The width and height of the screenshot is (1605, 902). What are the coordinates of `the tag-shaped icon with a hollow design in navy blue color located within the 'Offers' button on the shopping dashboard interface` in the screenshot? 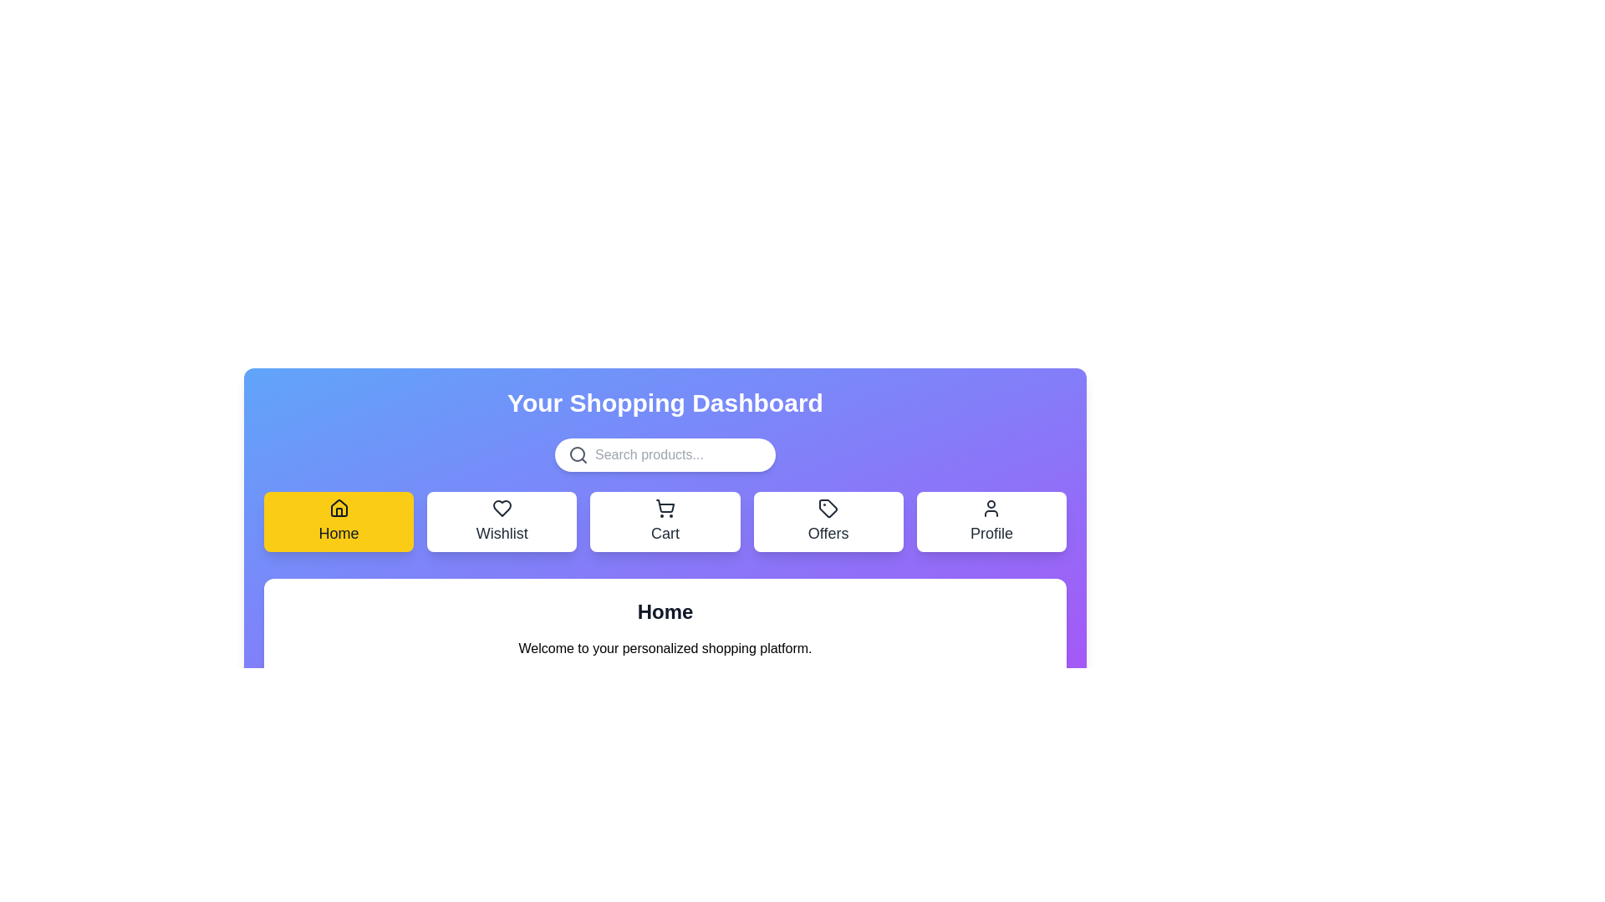 It's located at (828, 508).